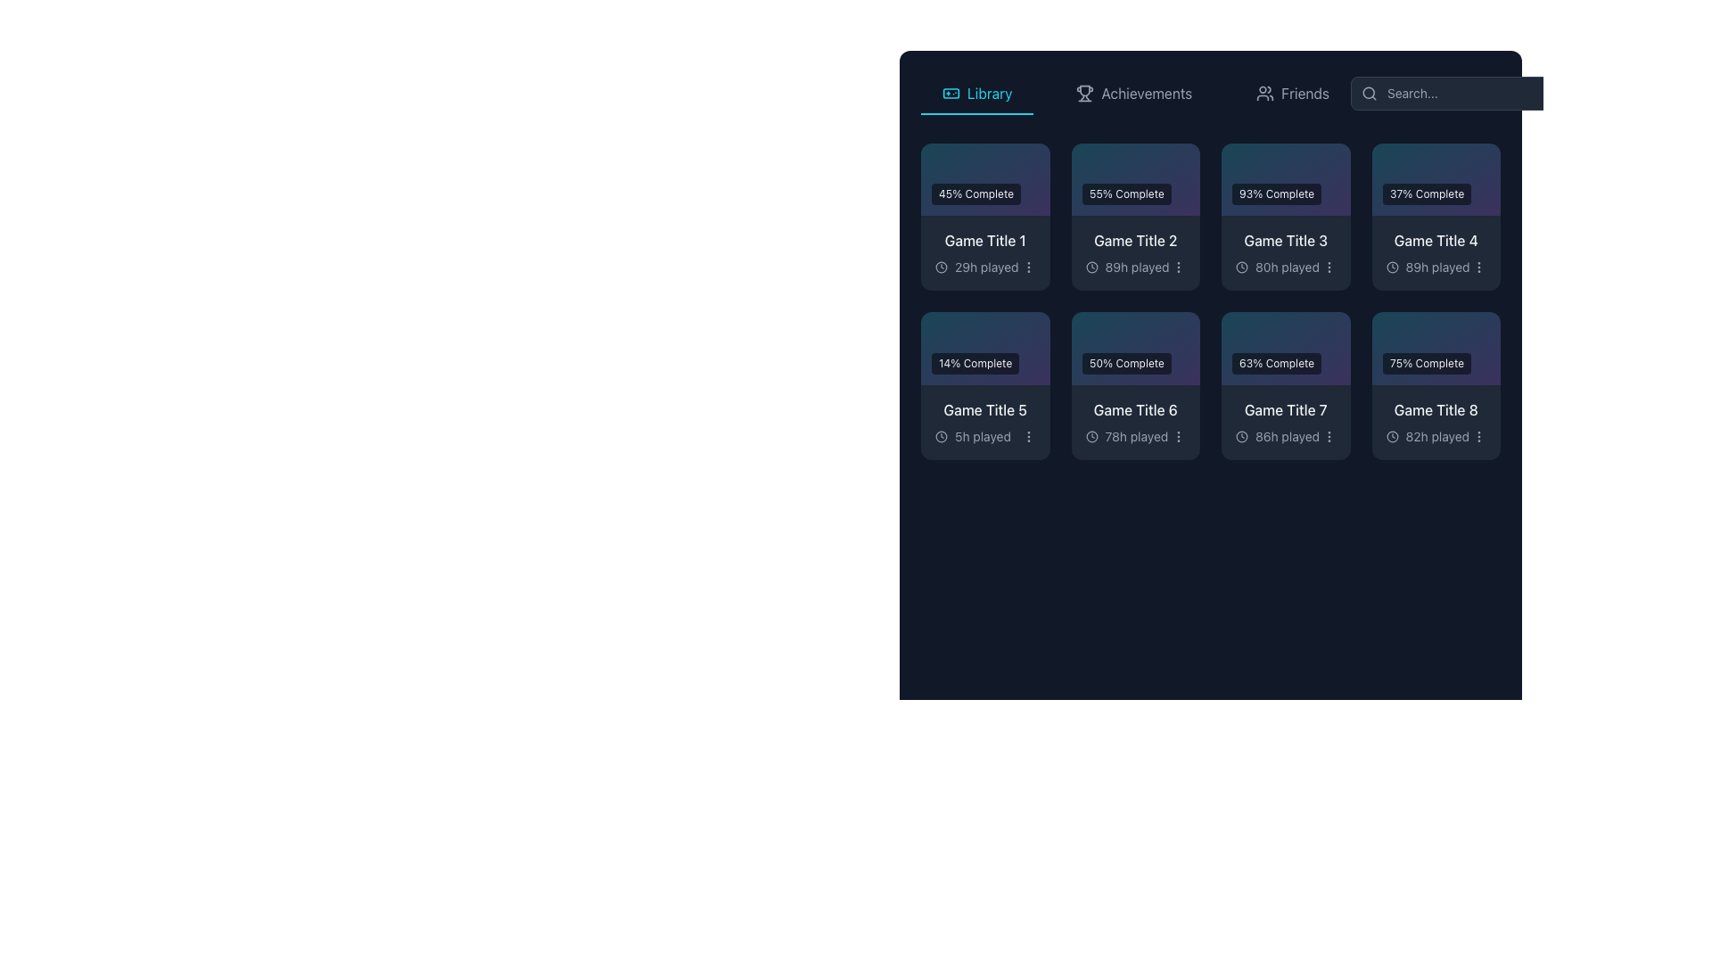 The height and width of the screenshot is (963, 1712). Describe the element at coordinates (1133, 93) in the screenshot. I see `the 'Achievements' navigation button in the header section` at that location.